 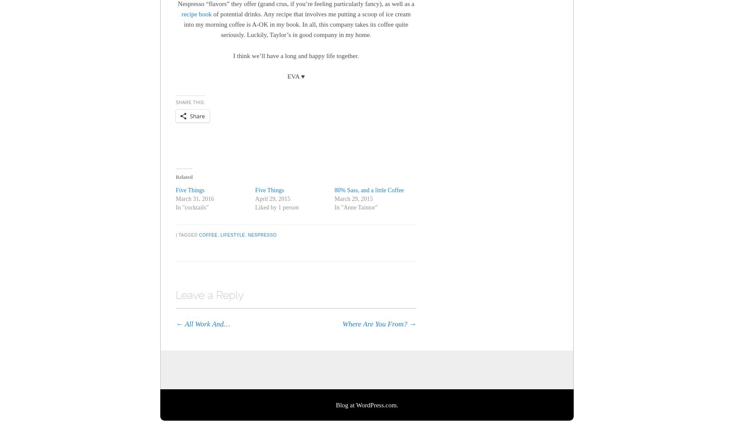 What do you see at coordinates (177, 234) in the screenshot?
I see `'|'` at bounding box center [177, 234].